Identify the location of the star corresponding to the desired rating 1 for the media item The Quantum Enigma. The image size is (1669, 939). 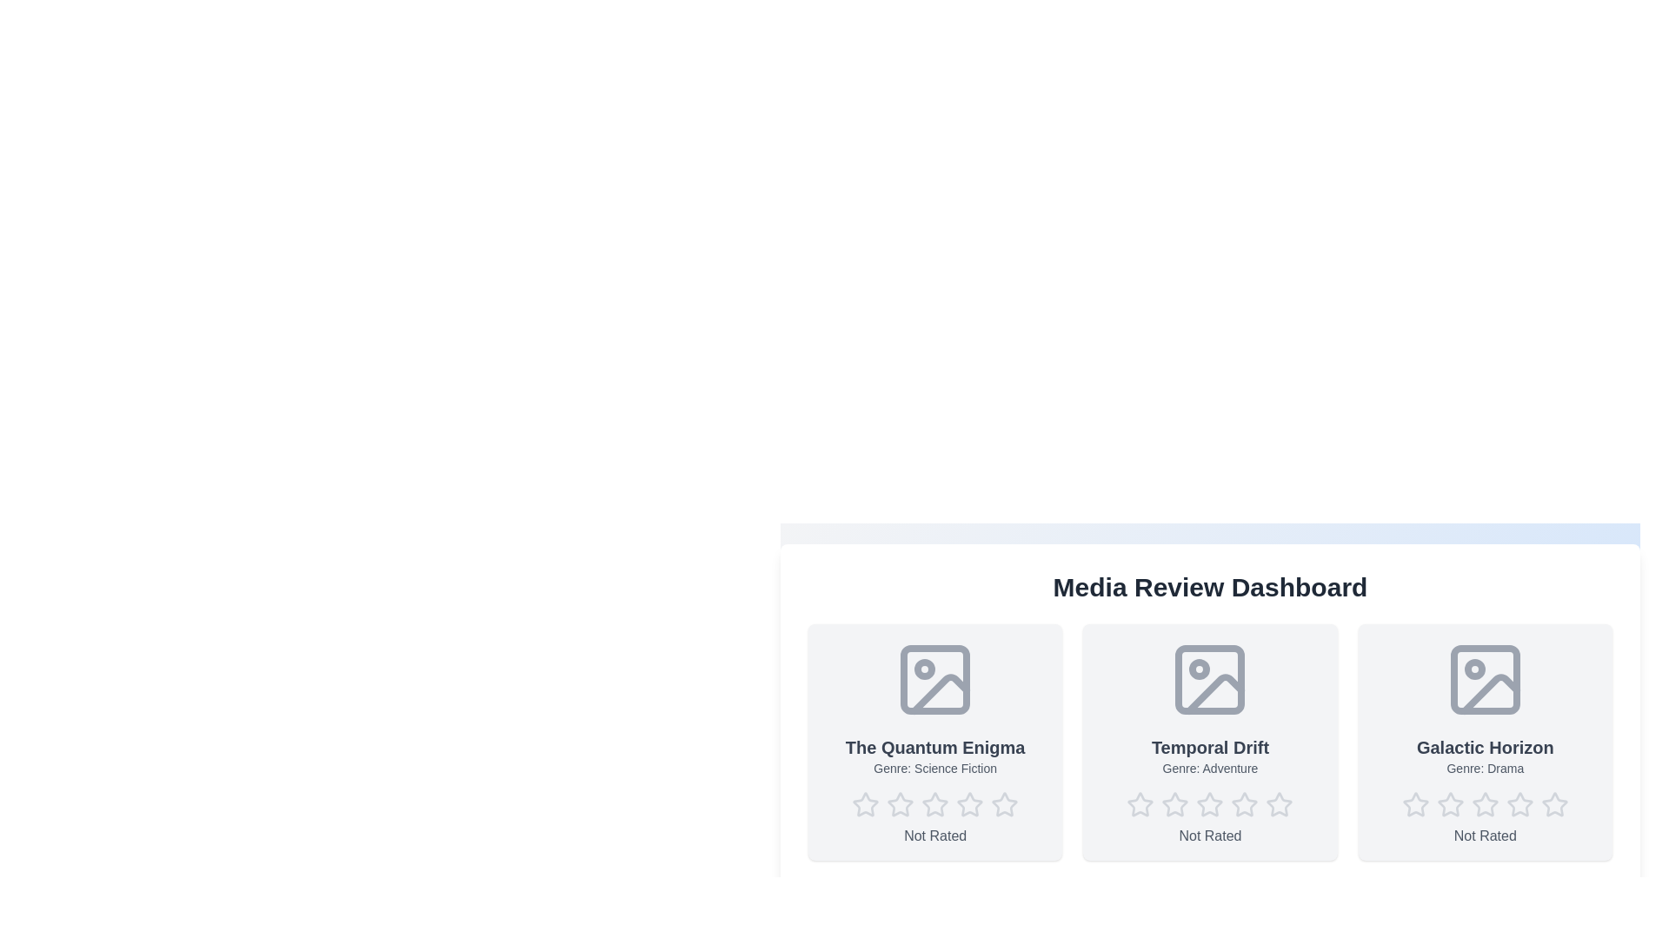
(866, 804).